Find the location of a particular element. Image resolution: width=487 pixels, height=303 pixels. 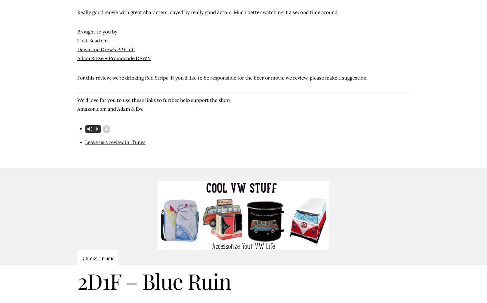

'suggestion' is located at coordinates (354, 77).